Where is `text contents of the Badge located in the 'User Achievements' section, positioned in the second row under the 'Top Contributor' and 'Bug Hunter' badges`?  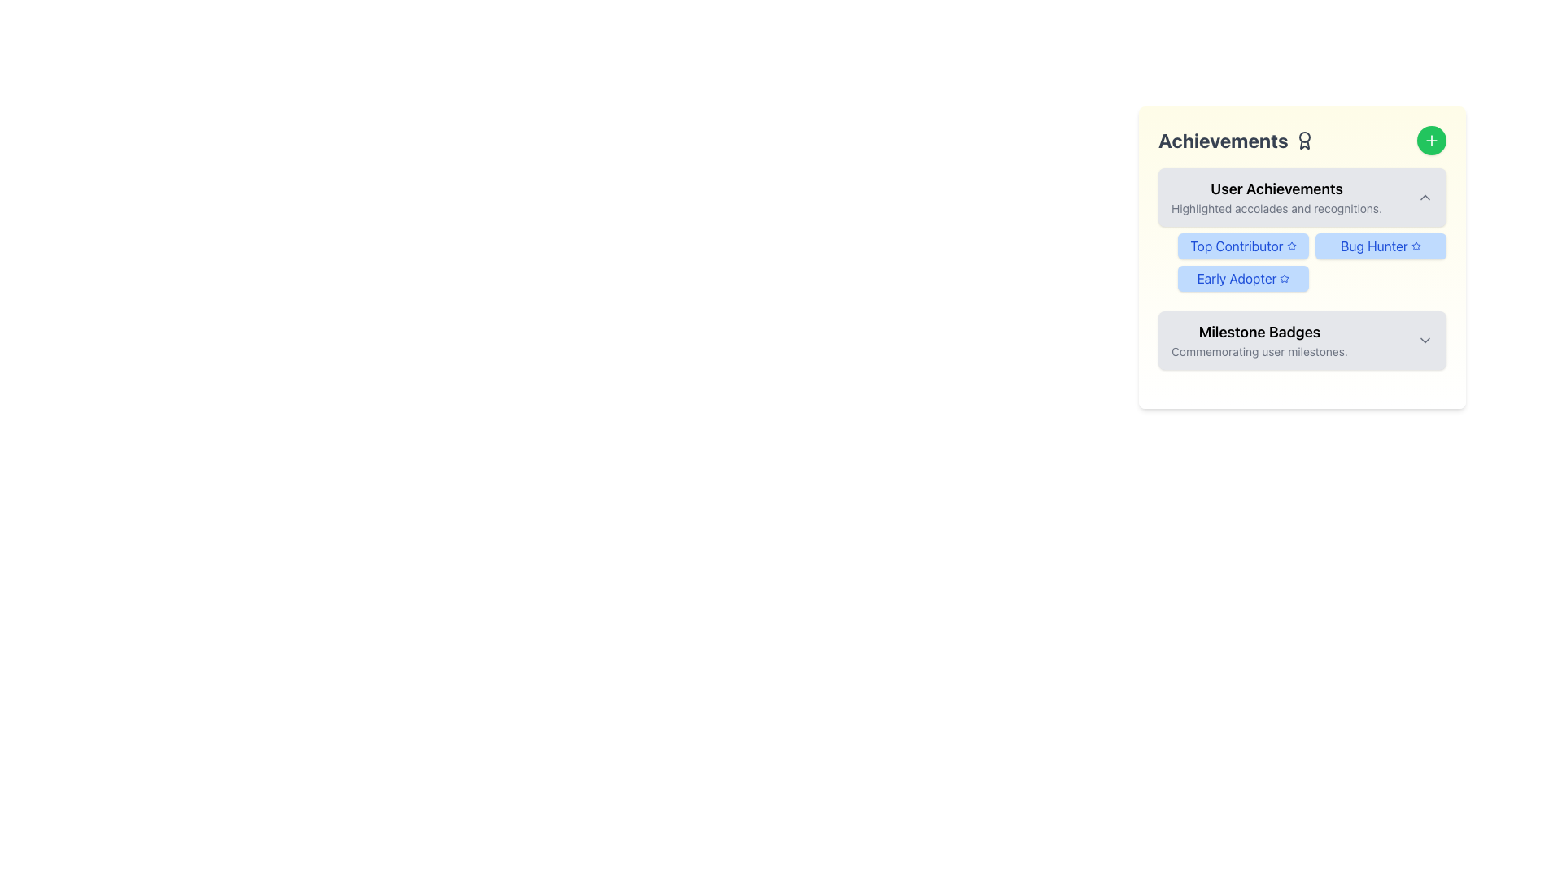
text contents of the Badge located in the 'User Achievements' section, positioned in the second row under the 'Top Contributor' and 'Bug Hunter' badges is located at coordinates (1242, 278).